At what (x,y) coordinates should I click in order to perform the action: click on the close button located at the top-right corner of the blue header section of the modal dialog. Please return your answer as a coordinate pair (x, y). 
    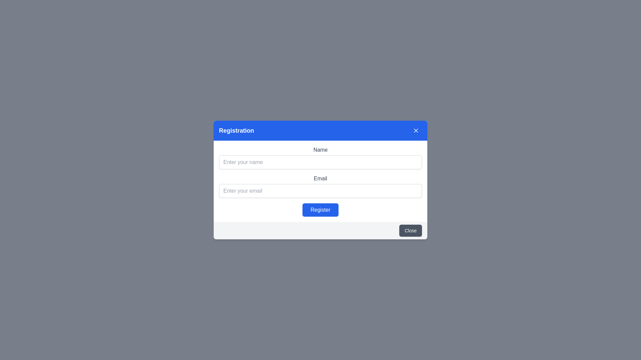
    Looking at the image, I should click on (415, 131).